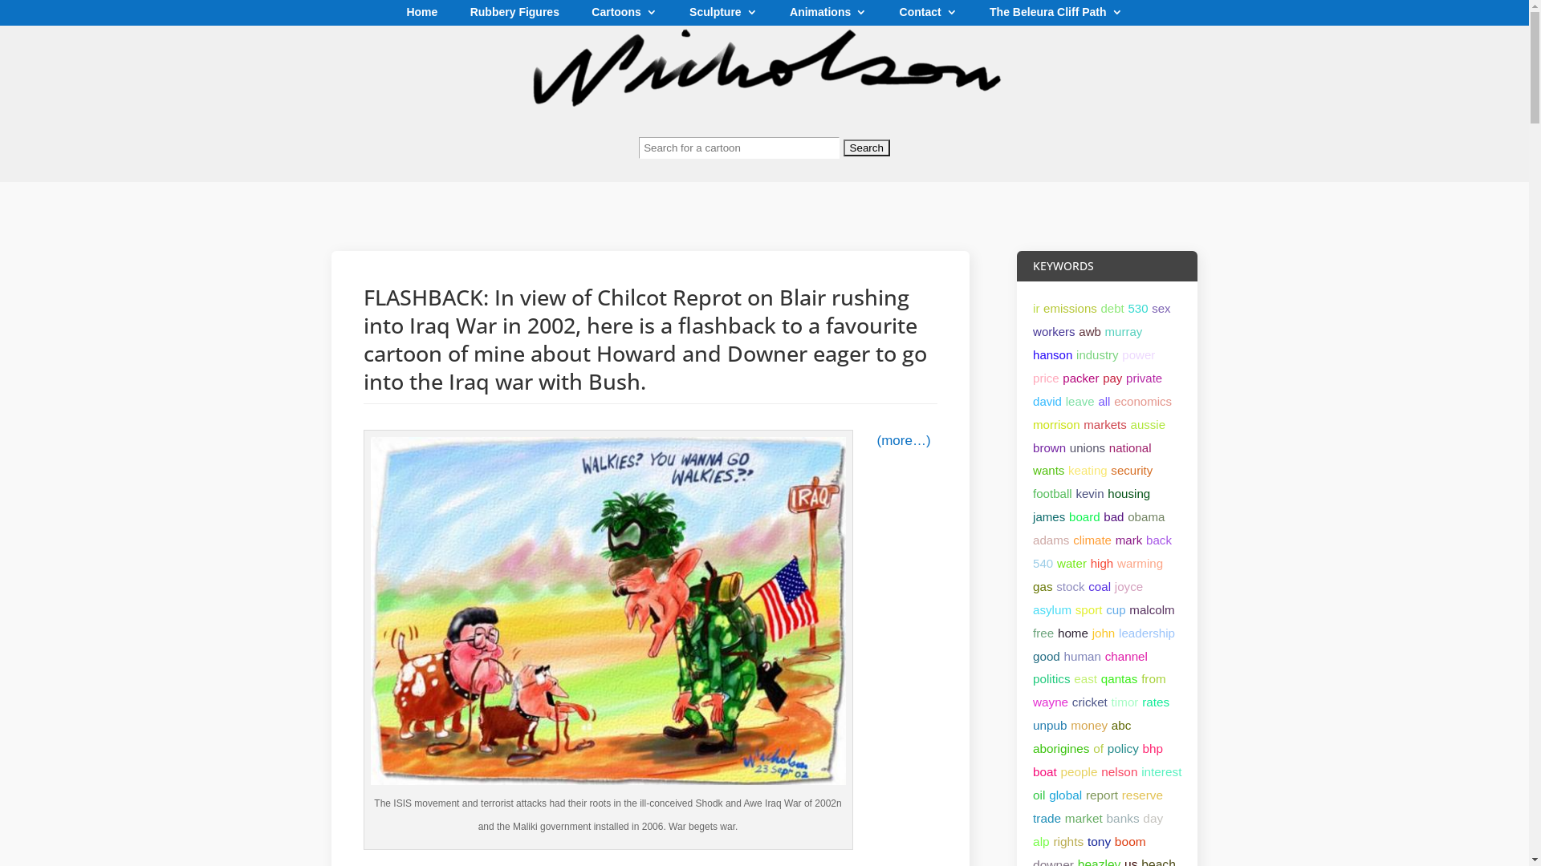 The width and height of the screenshot is (1541, 866). What do you see at coordinates (1044, 771) in the screenshot?
I see `'boat'` at bounding box center [1044, 771].